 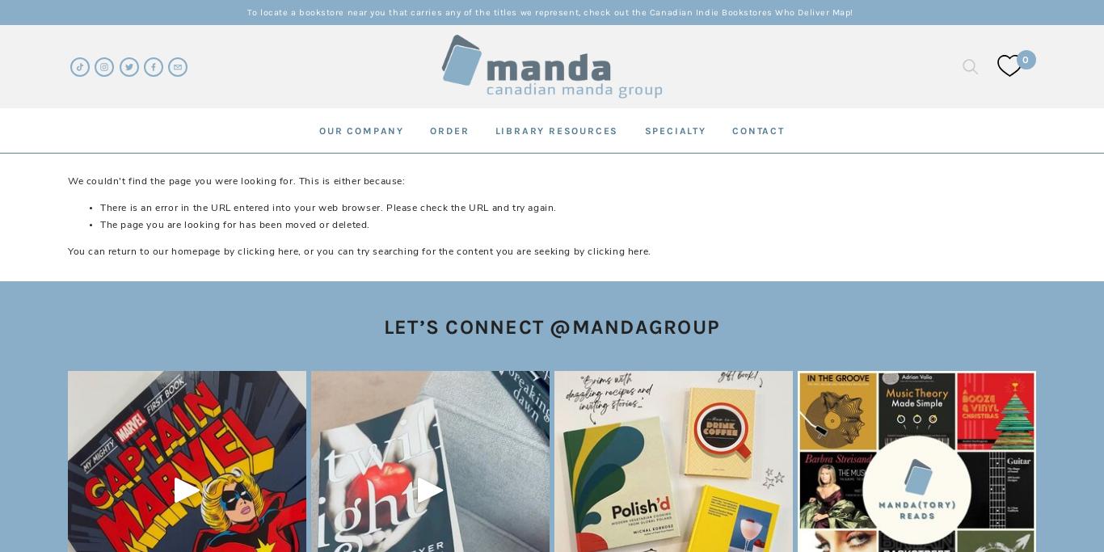 What do you see at coordinates (758, 129) in the screenshot?
I see `'Contact'` at bounding box center [758, 129].